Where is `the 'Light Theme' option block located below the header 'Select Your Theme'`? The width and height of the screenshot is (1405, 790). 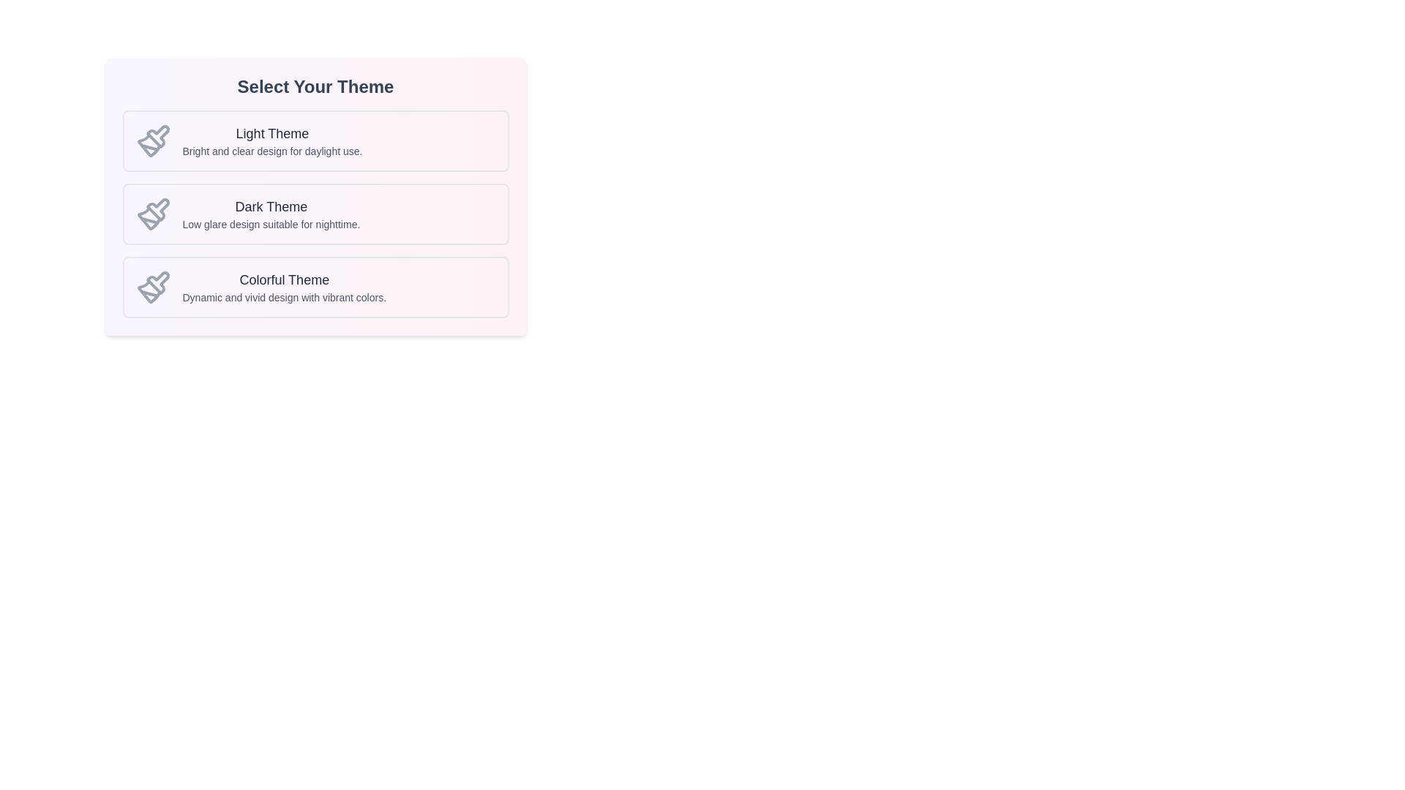 the 'Light Theme' option block located below the header 'Select Your Theme' is located at coordinates (272, 140).